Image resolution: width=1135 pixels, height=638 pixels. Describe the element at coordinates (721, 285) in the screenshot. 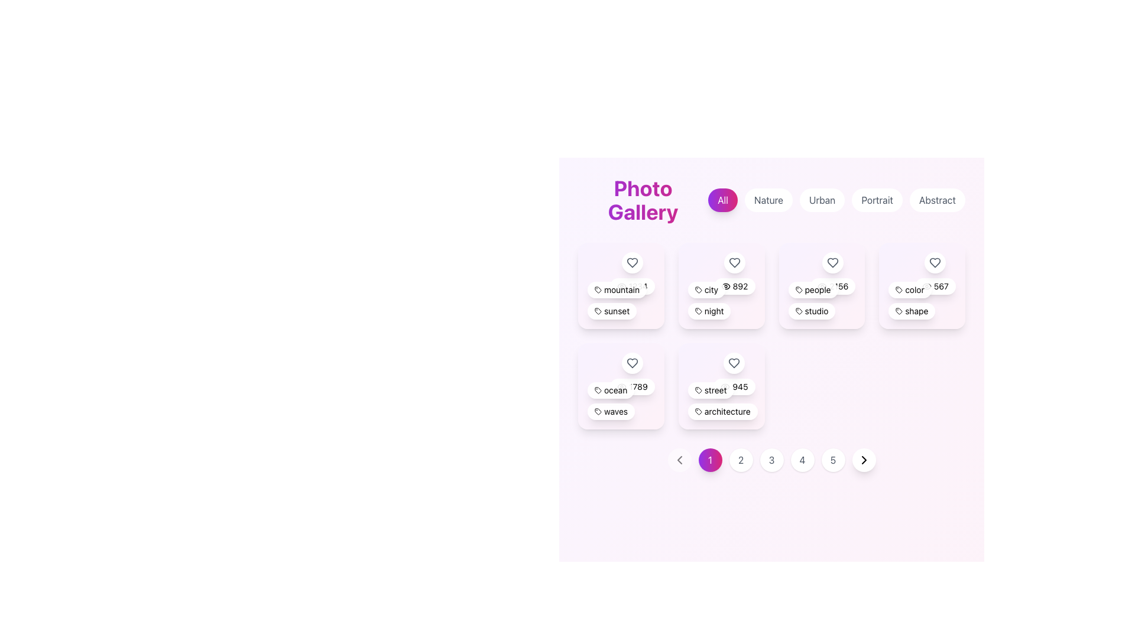

I see `the heart-shaped icon on the second card in the second row of the grid layout to mark it as a favorite` at that location.